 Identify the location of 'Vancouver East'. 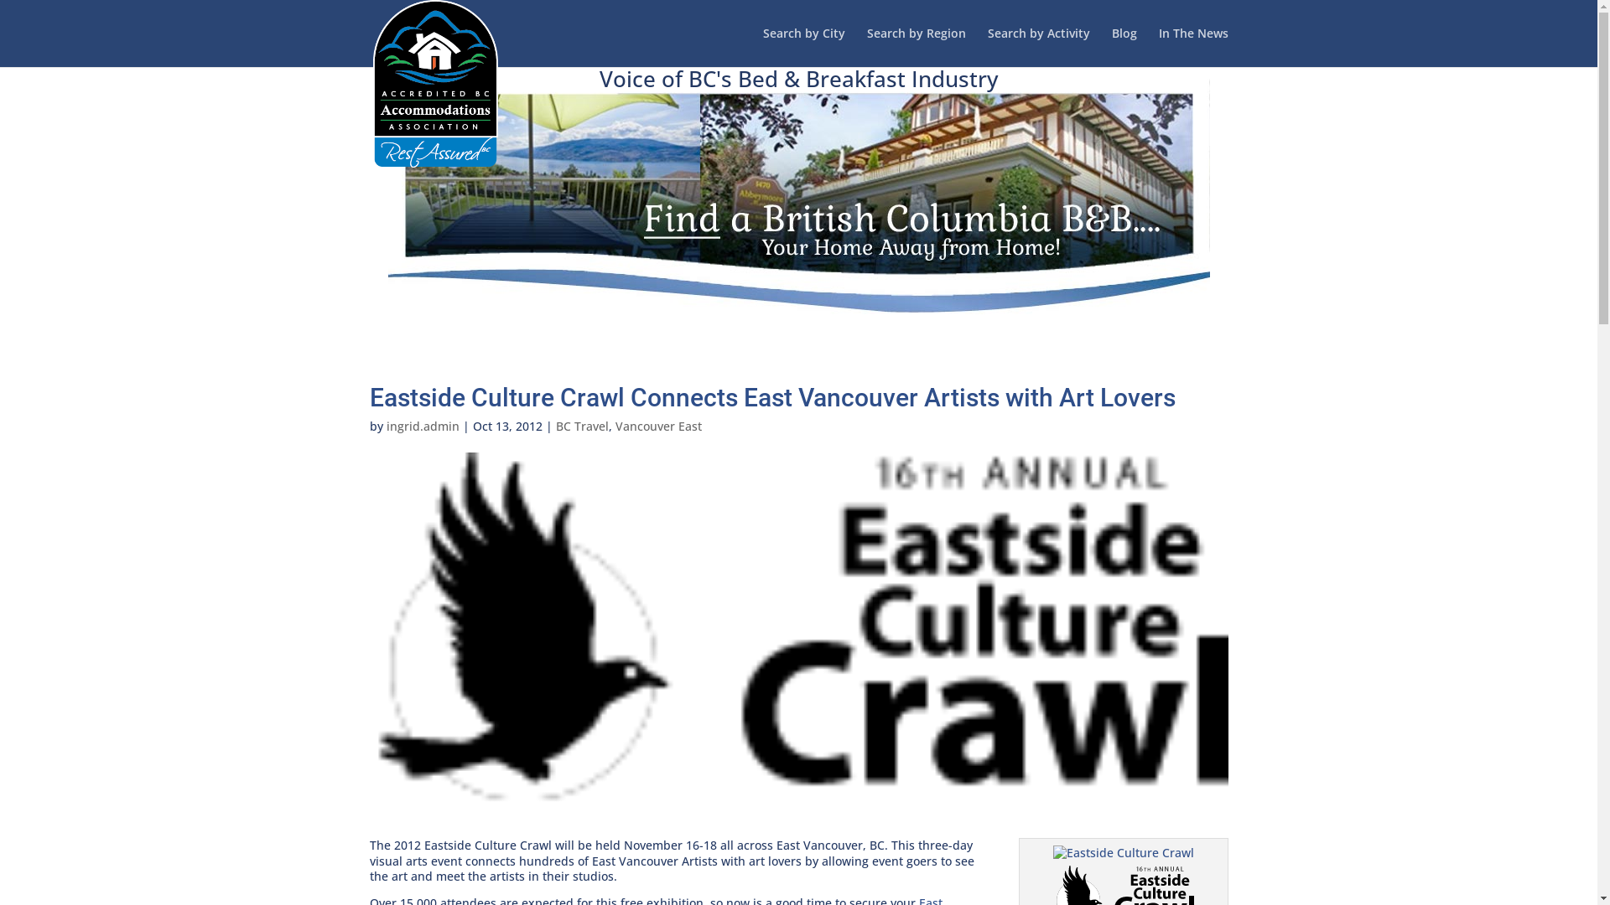
(657, 425).